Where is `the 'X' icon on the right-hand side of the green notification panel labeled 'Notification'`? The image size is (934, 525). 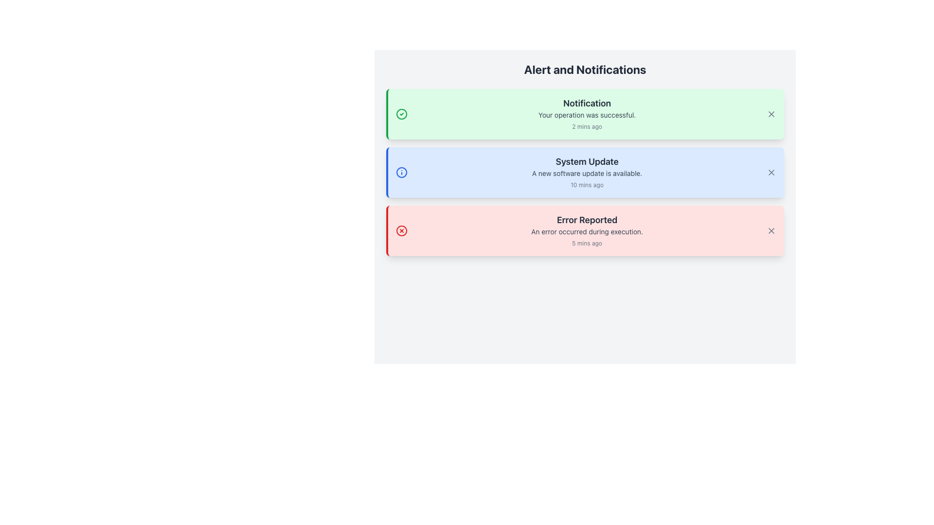
the 'X' icon on the right-hand side of the green notification panel labeled 'Notification' is located at coordinates (771, 114).